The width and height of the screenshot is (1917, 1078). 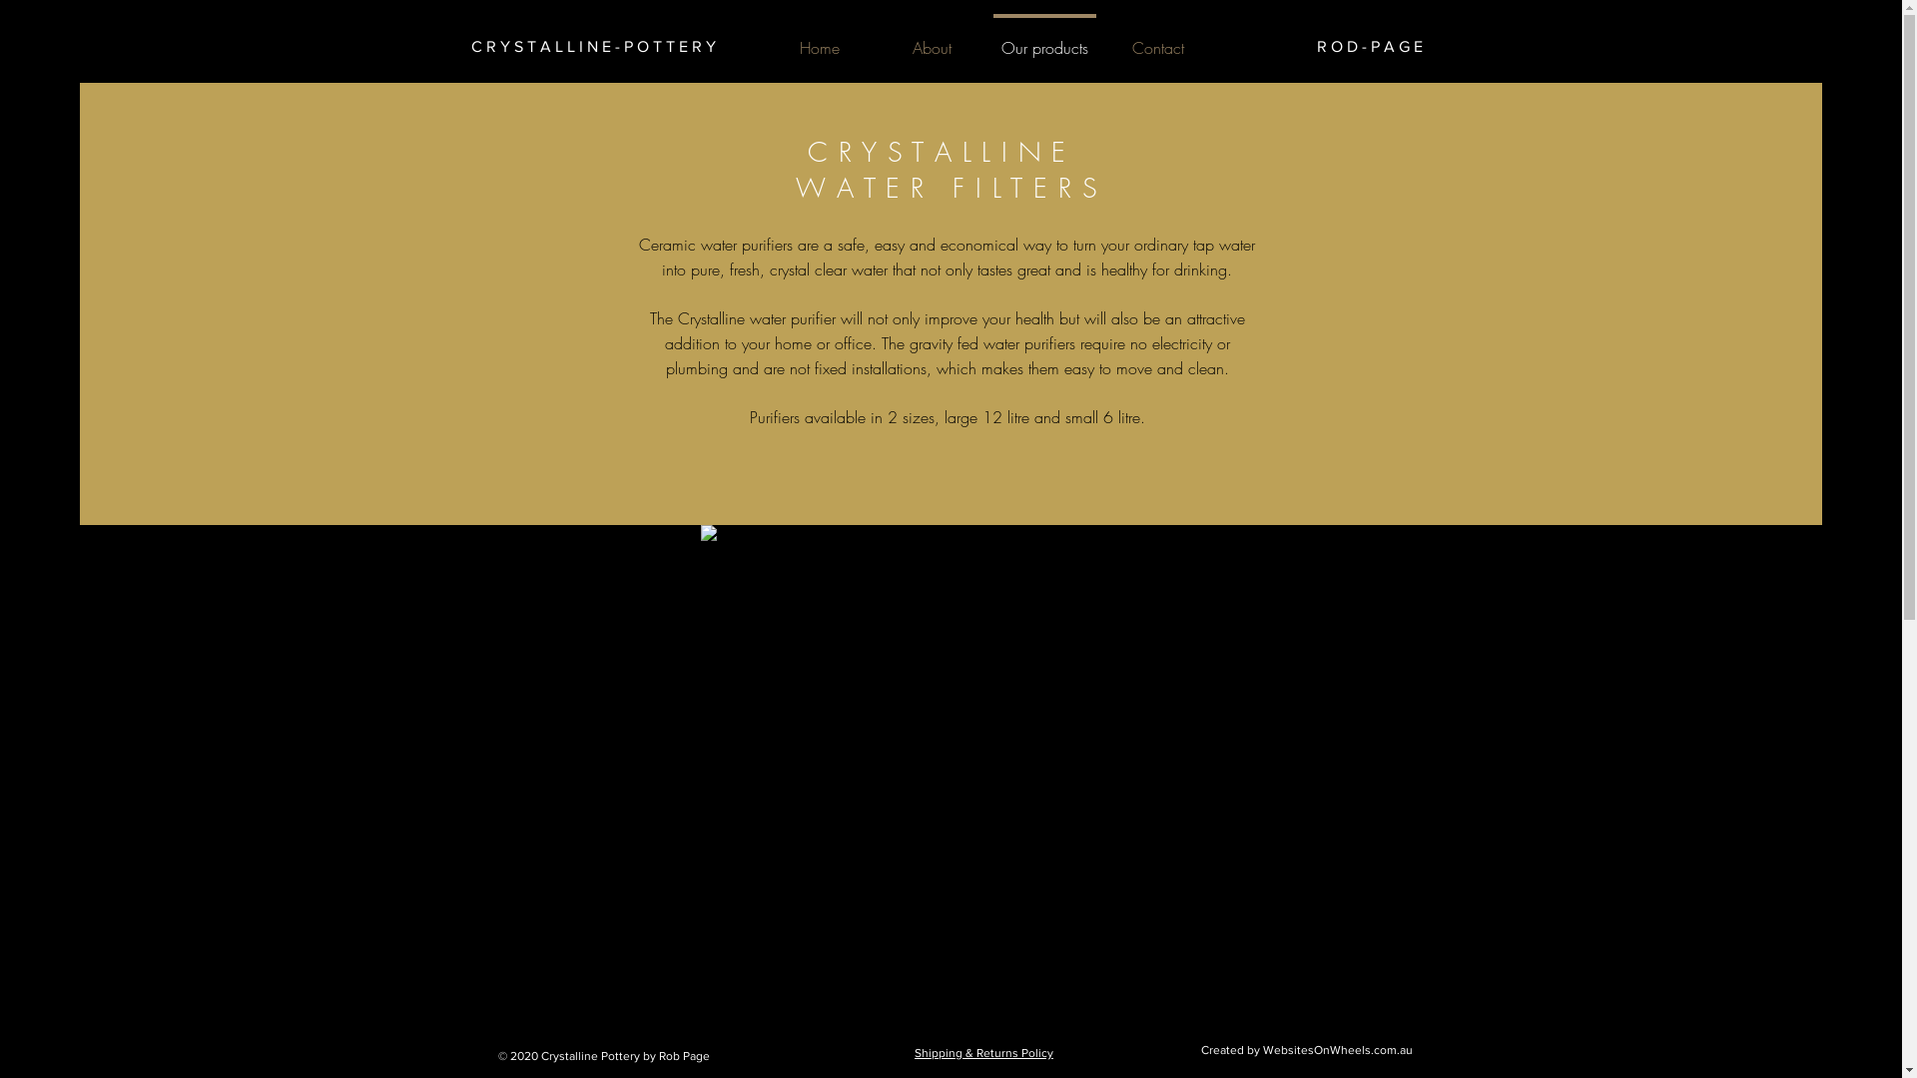 What do you see at coordinates (1157, 38) in the screenshot?
I see `'Contact'` at bounding box center [1157, 38].